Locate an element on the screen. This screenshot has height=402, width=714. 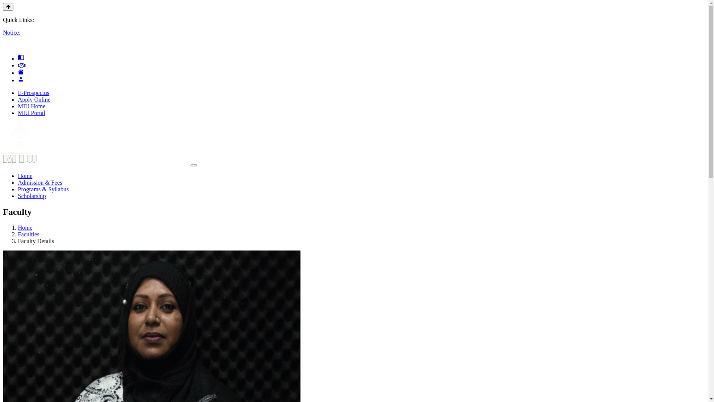
'Notice:' is located at coordinates (12, 32).